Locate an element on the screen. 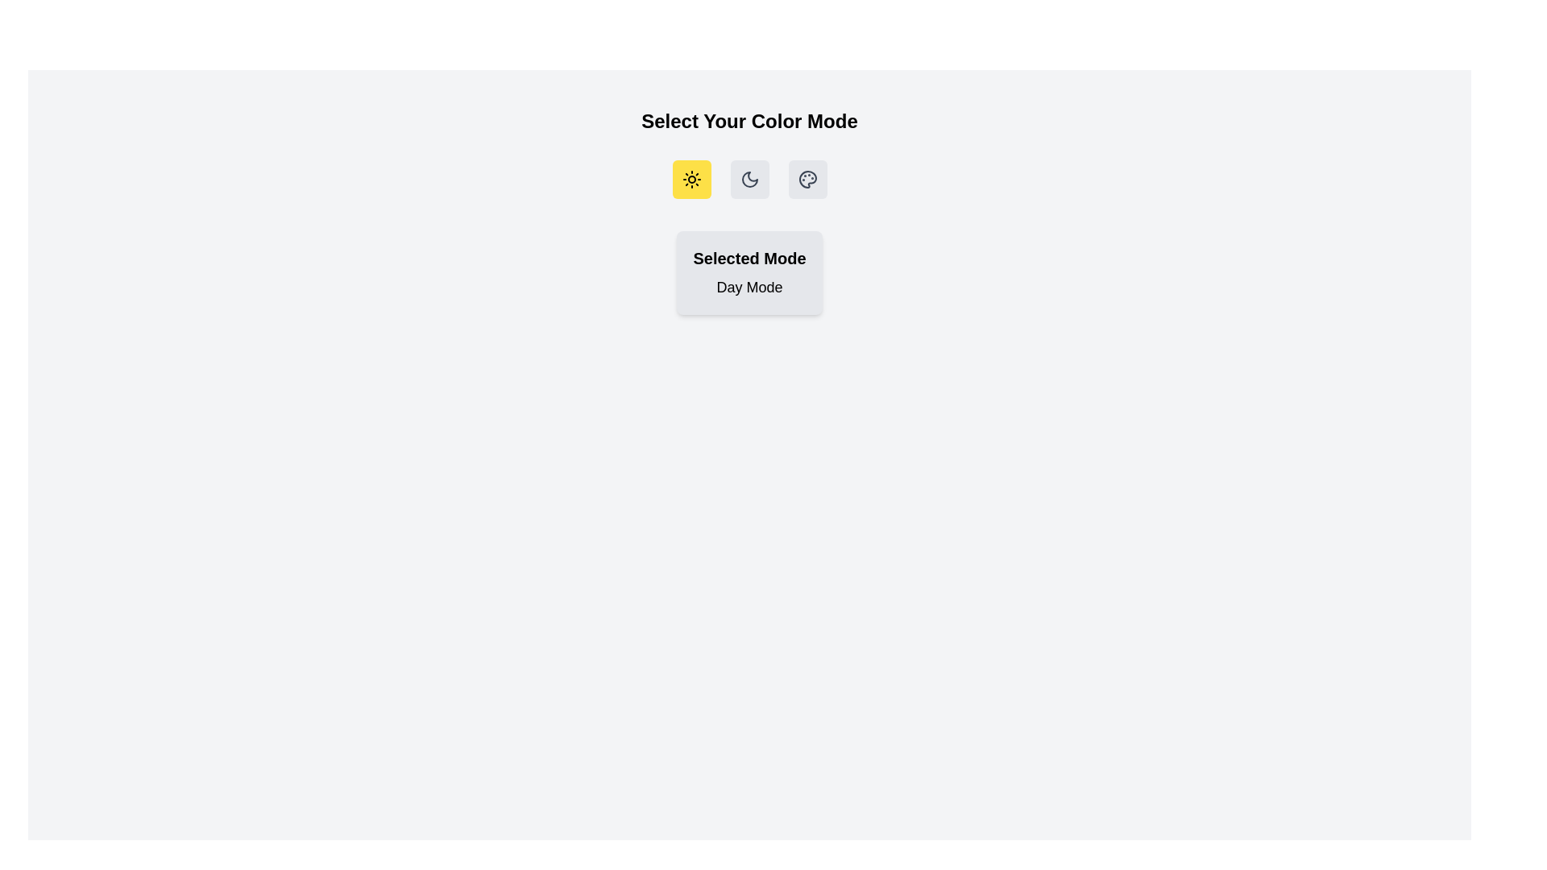 The width and height of the screenshot is (1547, 870). the 'Night Mode' button to select it is located at coordinates (749, 180).